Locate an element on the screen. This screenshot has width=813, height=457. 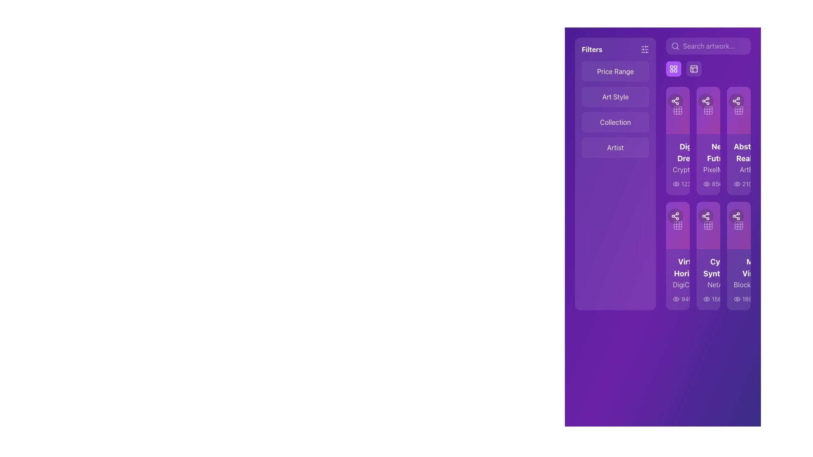
displayed text '1890' which is accompanied by a visibility icon on the left, located in the rightmost column of the grid, second-to-last position among its siblings is located at coordinates (744, 298).